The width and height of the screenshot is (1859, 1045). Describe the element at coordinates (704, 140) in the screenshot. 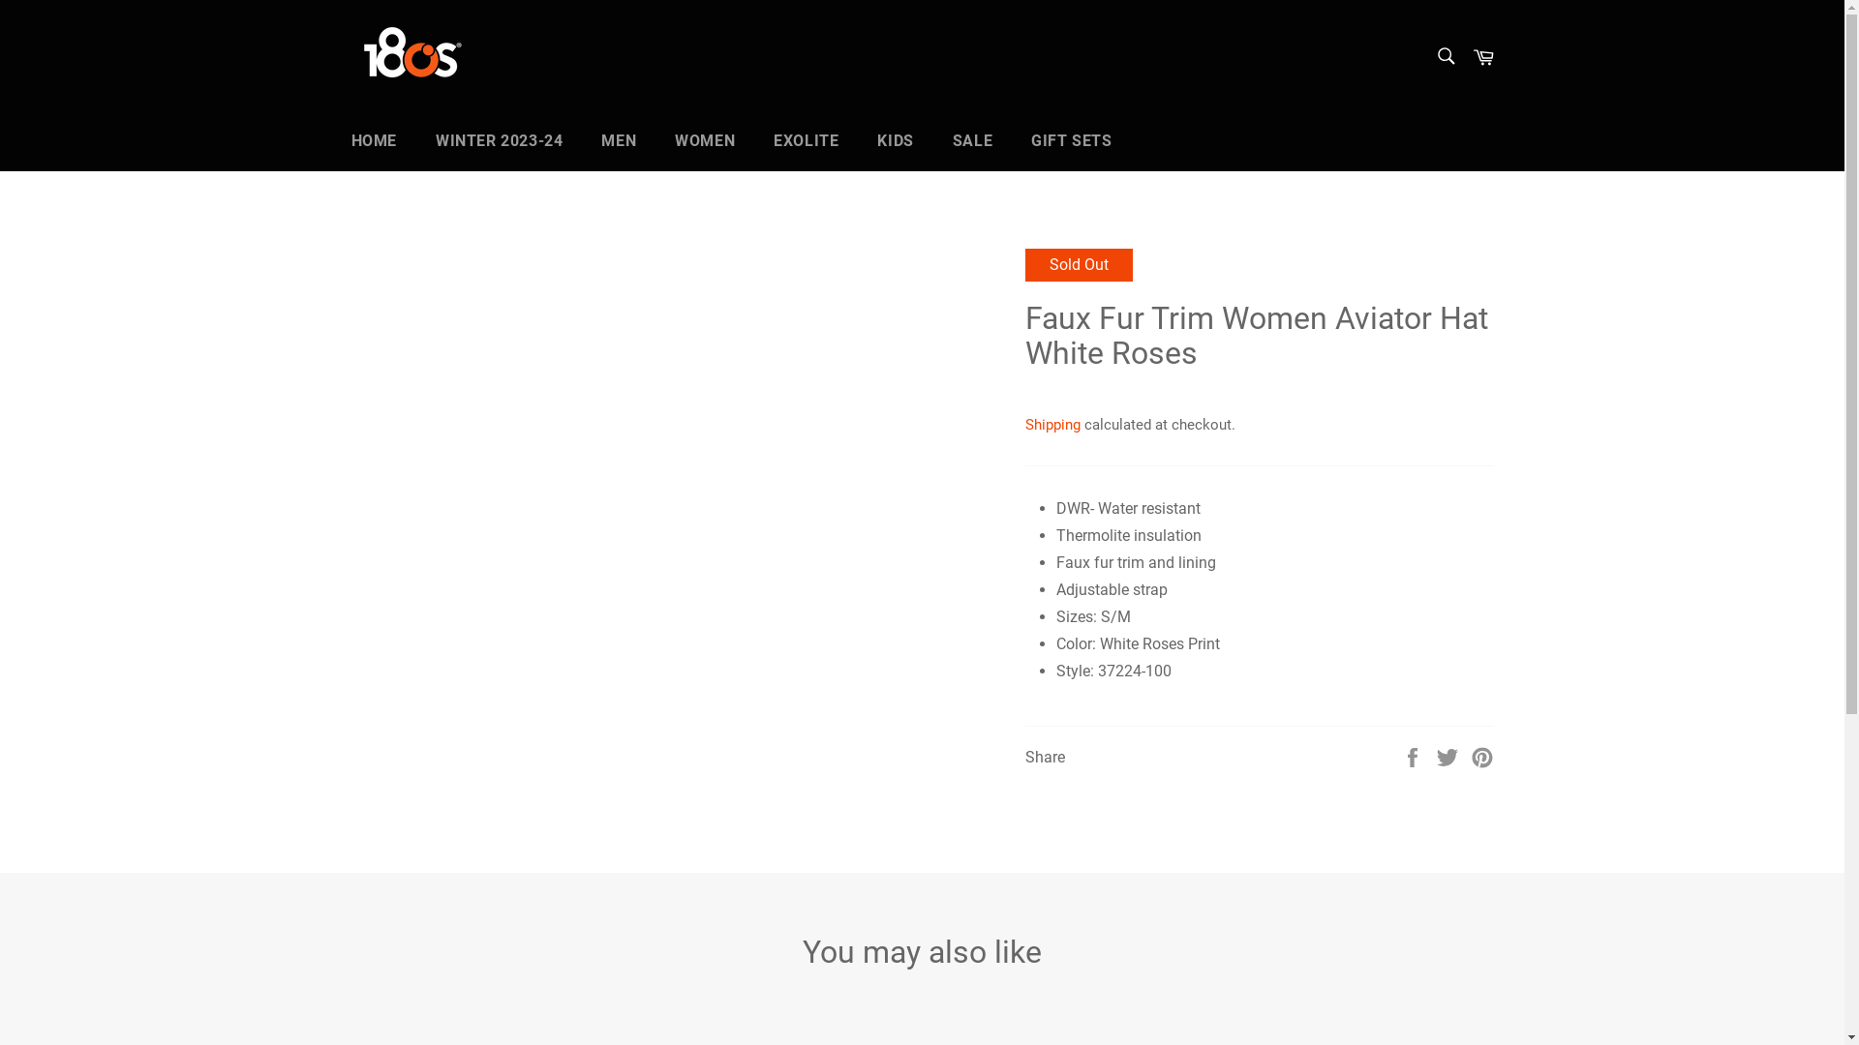

I see `'WOMEN'` at that location.